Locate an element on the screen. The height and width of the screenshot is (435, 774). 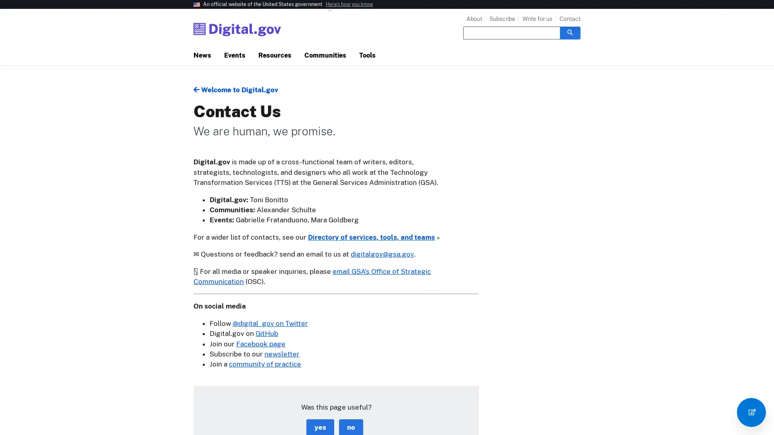
Search is located at coordinates (570, 32).